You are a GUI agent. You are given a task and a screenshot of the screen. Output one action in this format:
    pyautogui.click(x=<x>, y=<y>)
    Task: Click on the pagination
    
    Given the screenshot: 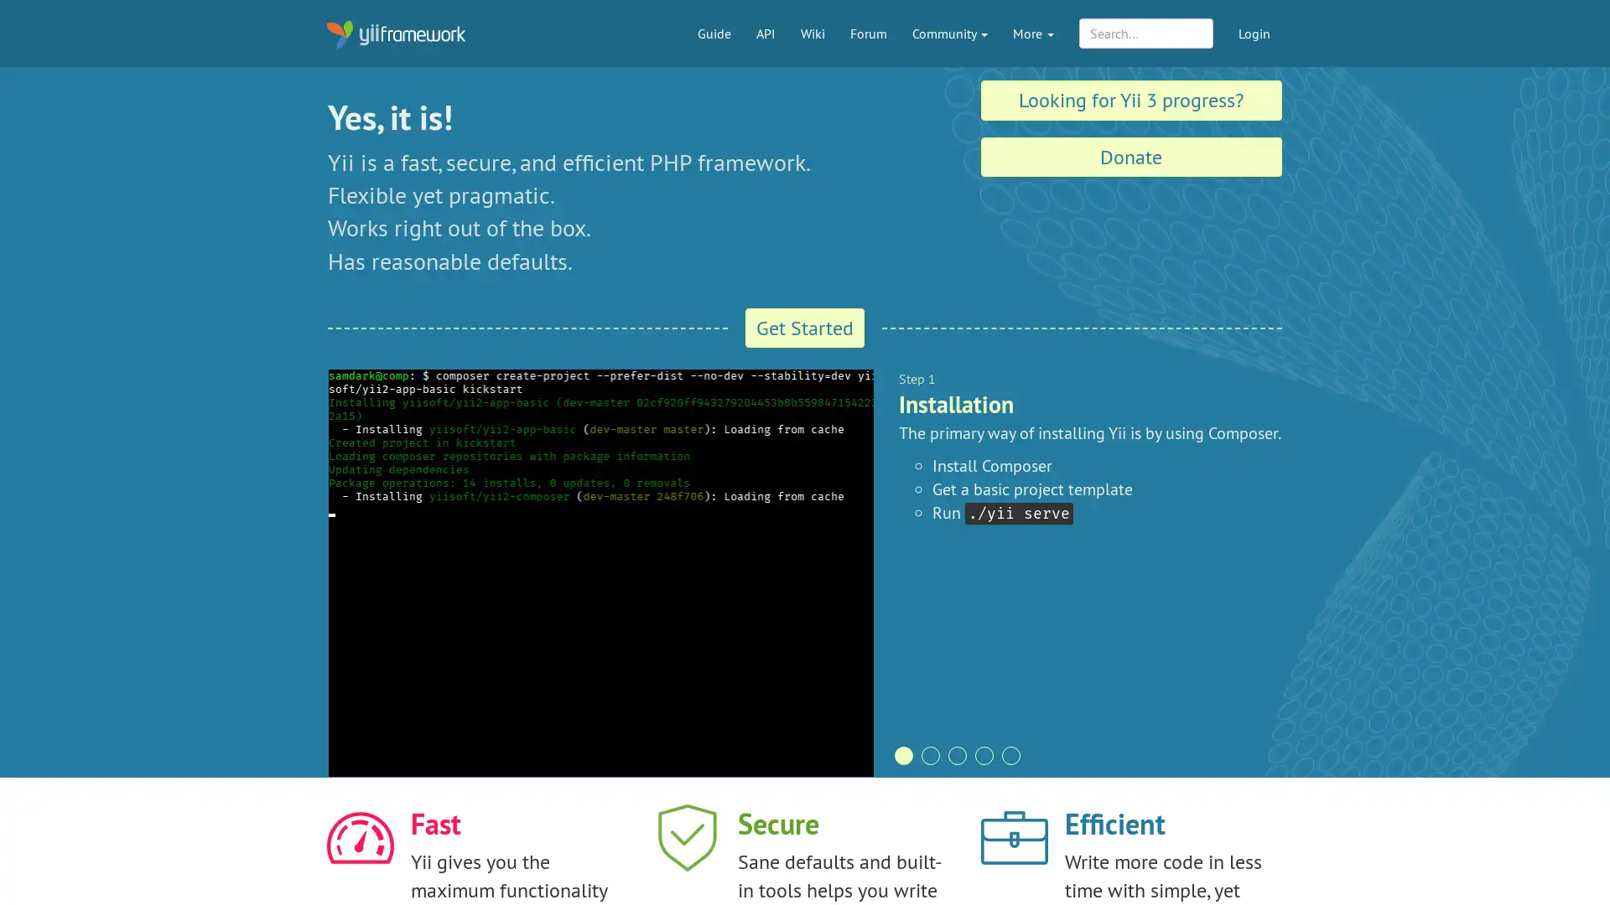 What is the action you would take?
    pyautogui.click(x=958, y=756)
    